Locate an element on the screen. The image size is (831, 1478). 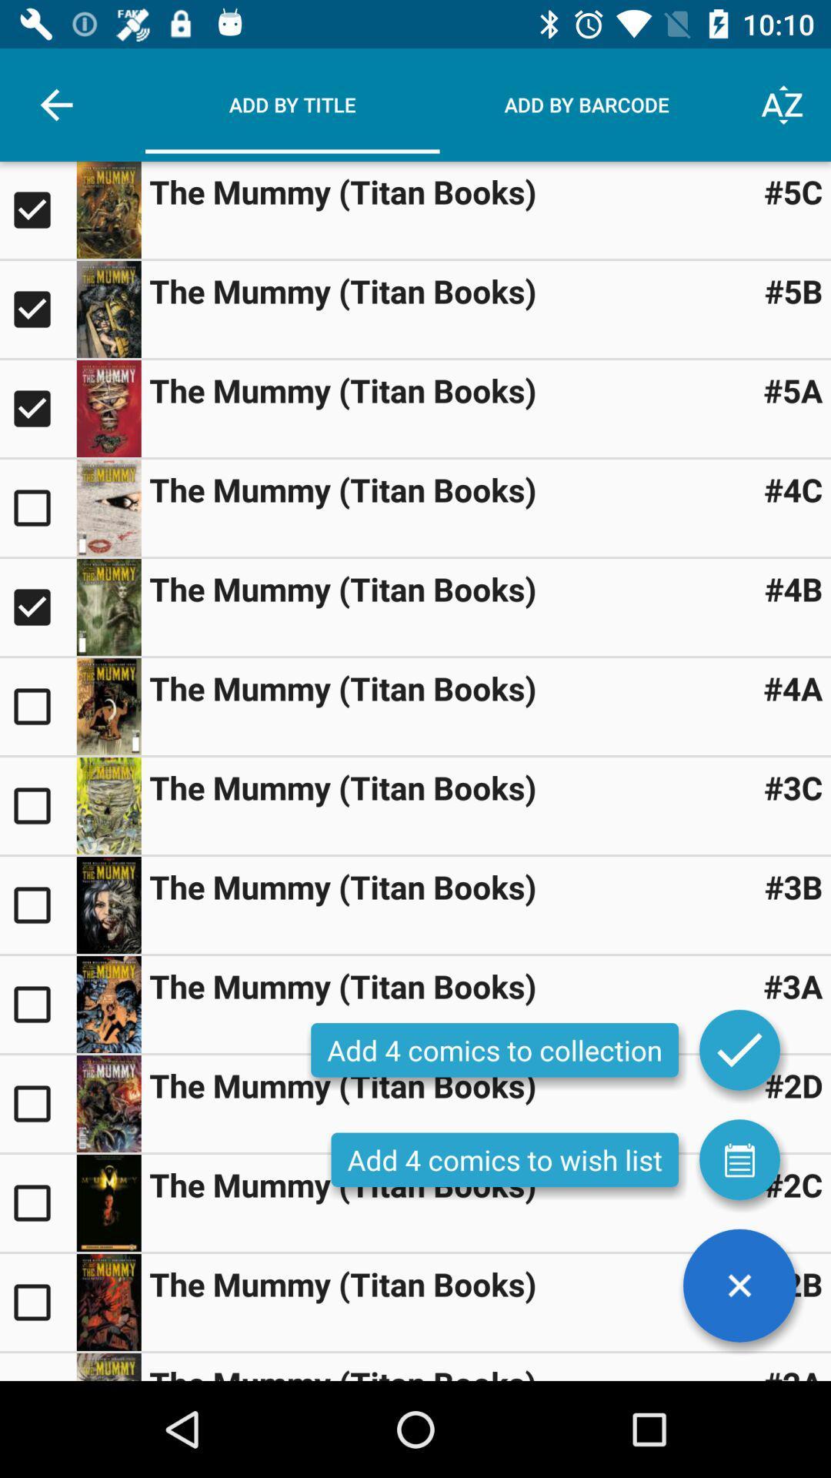
icon next to add by barcode item is located at coordinates (783, 104).